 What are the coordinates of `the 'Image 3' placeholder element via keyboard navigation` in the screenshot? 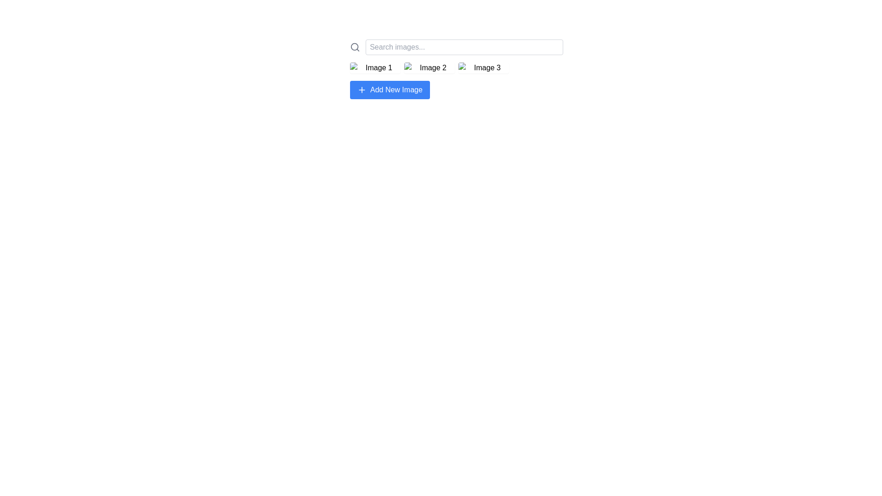 It's located at (483, 67).